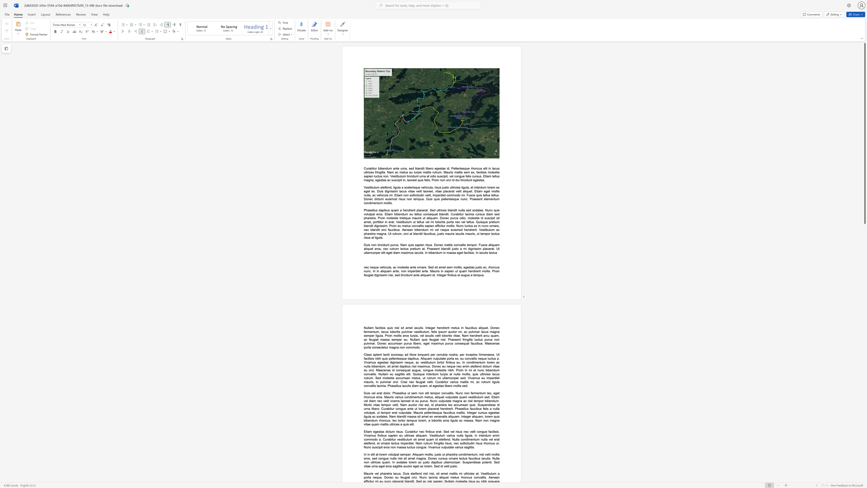 The image size is (867, 488). Describe the element at coordinates (403, 327) in the screenshot. I see `the subset text "t amet iaculis. Integer hendrerit metus in faucibus aliquet. Donec fermentum, lacus lobortis pulvinar vestibulum, felis ip" within the text "Nullam facilisis quis nisl sit amet iaculis. Integer hendrerit metus in faucibus aliquet. Donec fermentum, lacus lobortis pulvinar vestibulum, felis ipsum auctor mi, ac pulvinar lacus magna"` at that location.